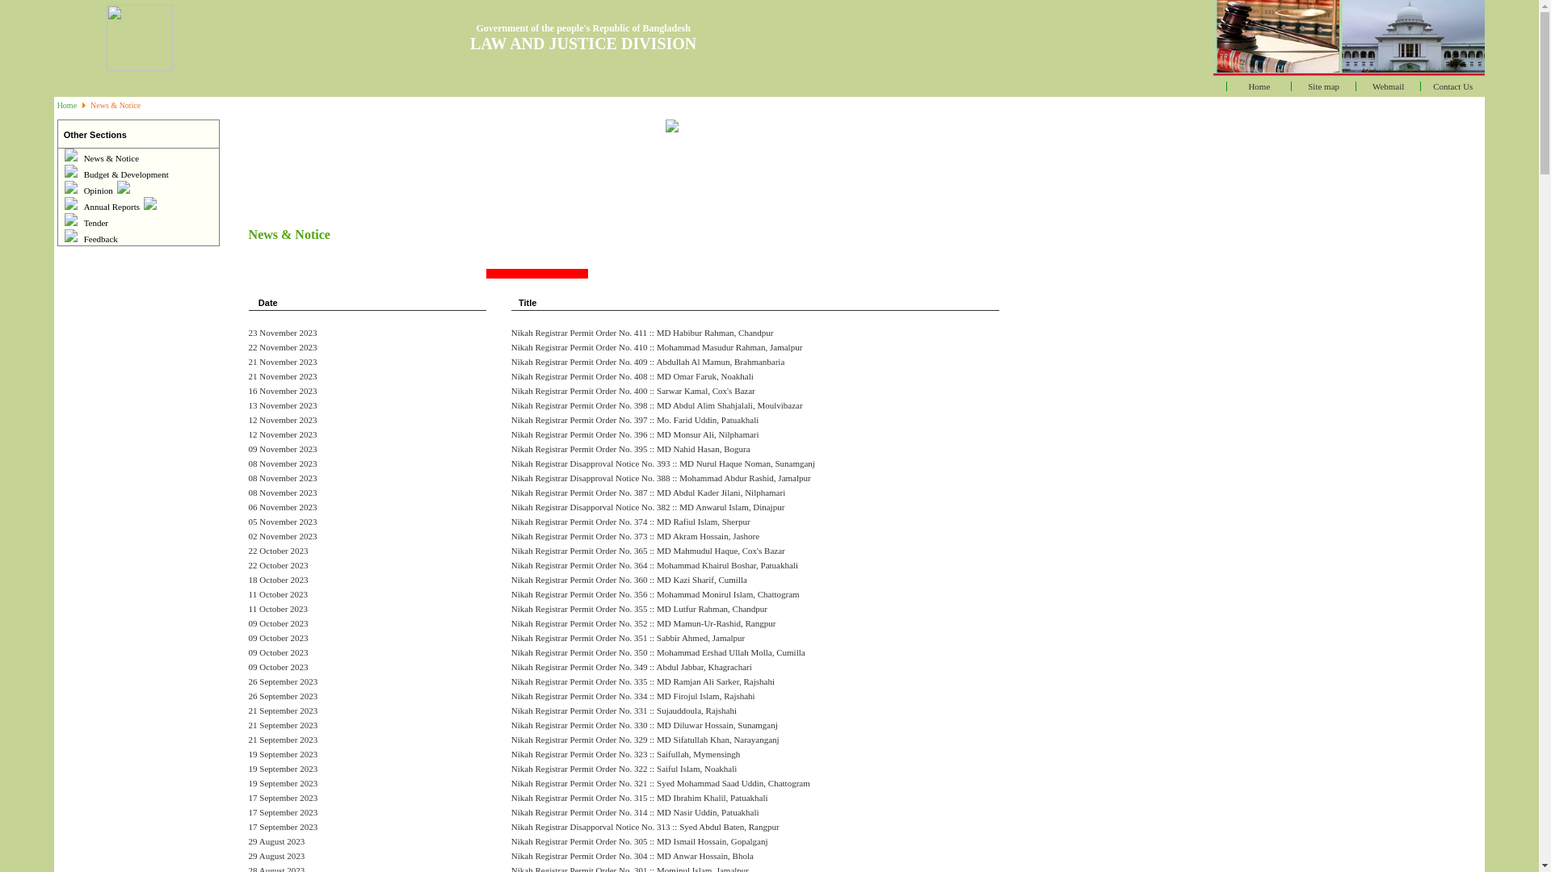 Image resolution: width=1551 pixels, height=872 pixels. What do you see at coordinates (95, 223) in the screenshot?
I see `'Tender'` at bounding box center [95, 223].